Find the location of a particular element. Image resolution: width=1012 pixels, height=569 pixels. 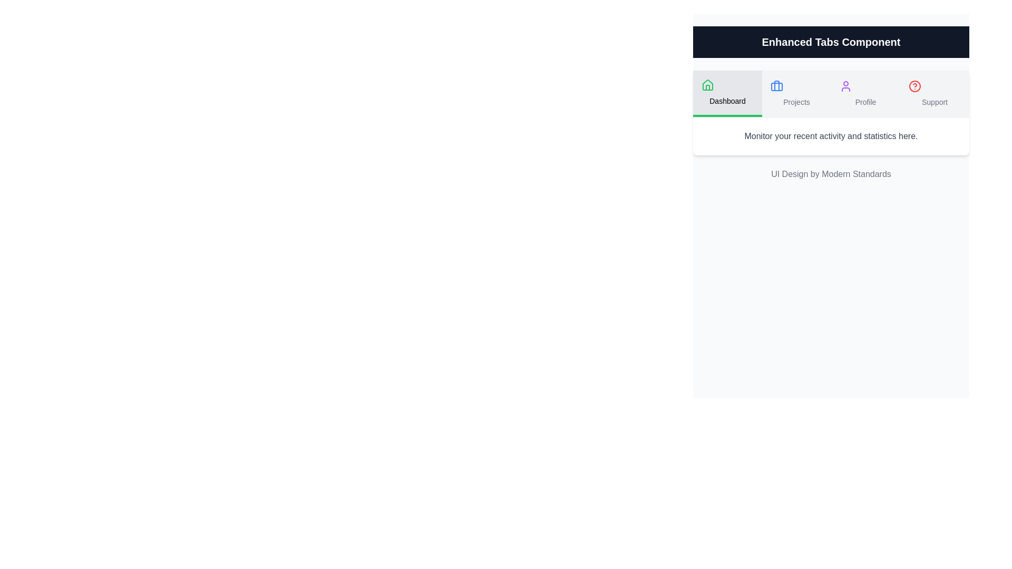

the 'Support' label located beneath the help circle icon in the header navigation bar is located at coordinates (935, 102).